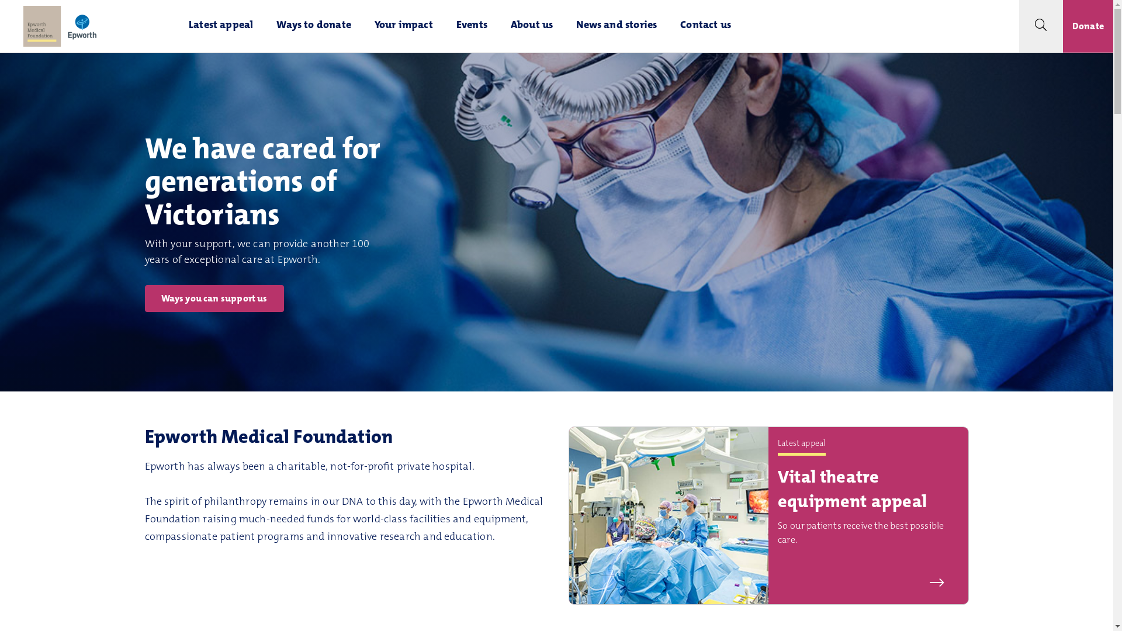 The height and width of the screenshot is (631, 1122). What do you see at coordinates (852, 491) in the screenshot?
I see `'Vital theatre equipment appeal'` at bounding box center [852, 491].